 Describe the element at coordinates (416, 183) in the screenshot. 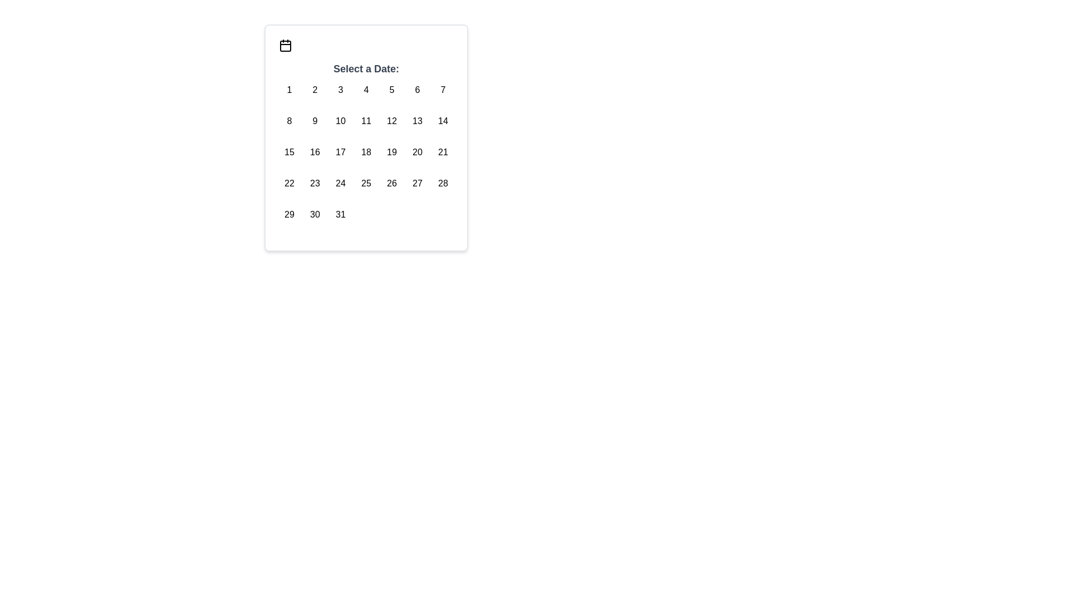

I see `the circular button with the text '27'` at that location.